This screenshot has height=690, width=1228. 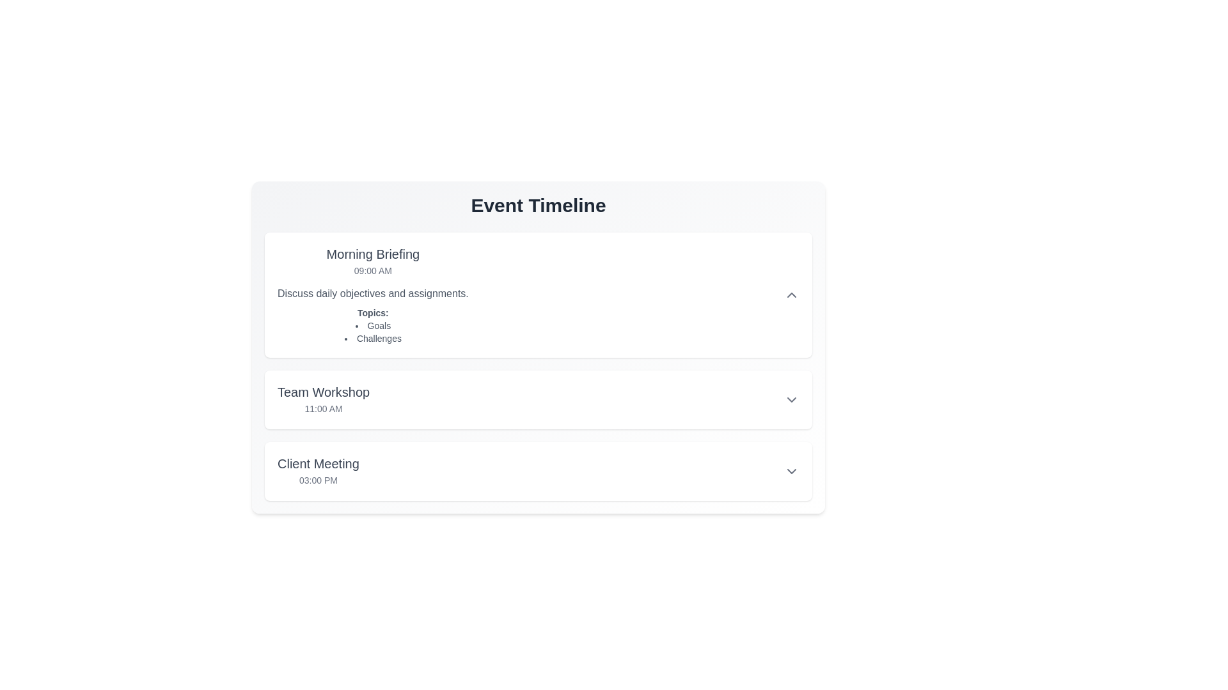 What do you see at coordinates (538, 295) in the screenshot?
I see `on the 'Morning Briefing' collapsible card` at bounding box center [538, 295].